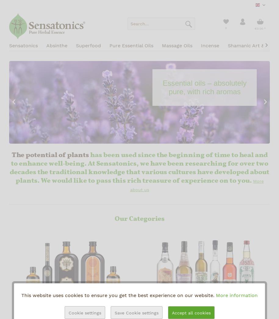 Image resolution: width=279 pixels, height=319 pixels. Describe the element at coordinates (236, 295) in the screenshot. I see `'More information'` at that location.